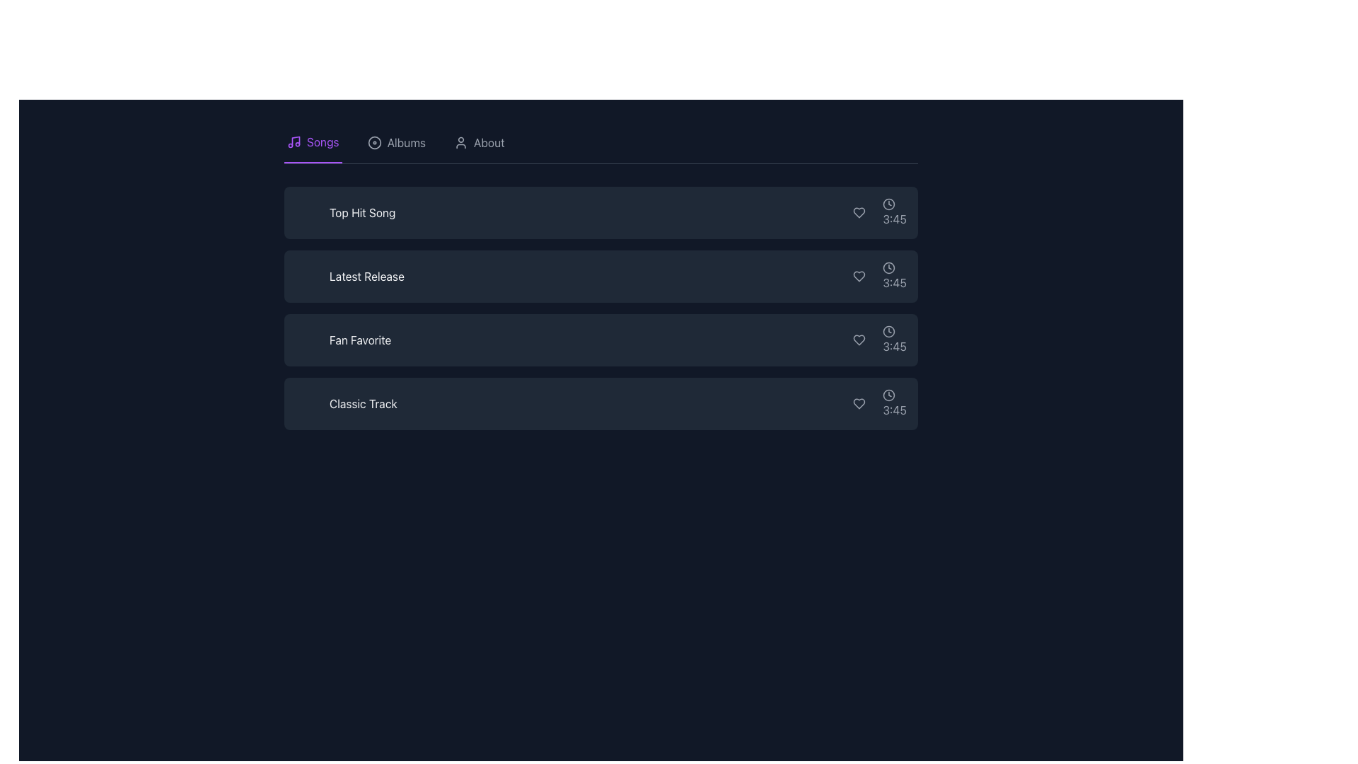 Image resolution: width=1358 pixels, height=764 pixels. What do you see at coordinates (894, 403) in the screenshot?
I see `the text label displaying '3:45' with a gray clock icon, located next to the 'Classic Track' text in the dark-themed interface` at bounding box center [894, 403].